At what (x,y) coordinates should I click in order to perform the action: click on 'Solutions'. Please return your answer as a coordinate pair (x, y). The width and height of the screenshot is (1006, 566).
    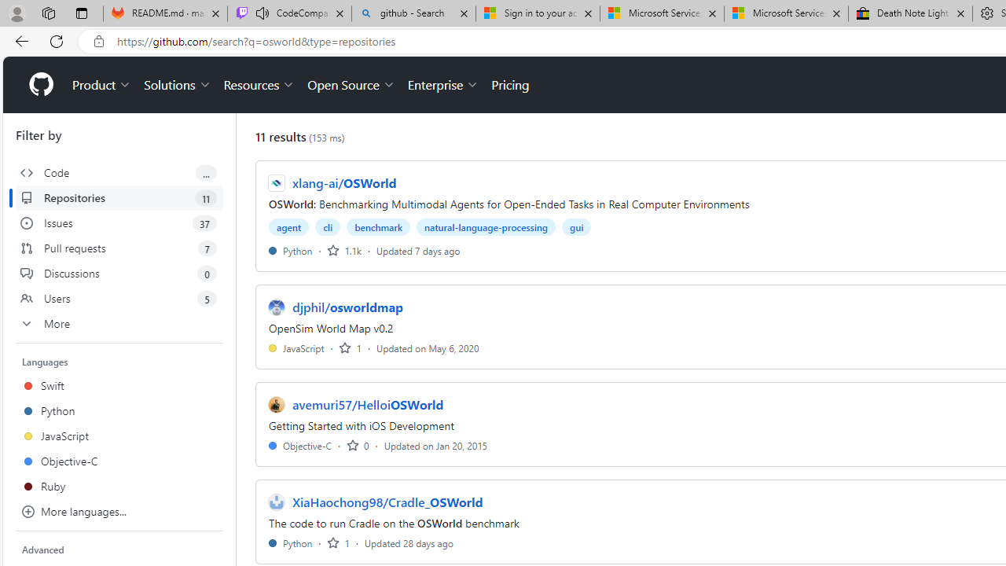
    Looking at the image, I should click on (177, 85).